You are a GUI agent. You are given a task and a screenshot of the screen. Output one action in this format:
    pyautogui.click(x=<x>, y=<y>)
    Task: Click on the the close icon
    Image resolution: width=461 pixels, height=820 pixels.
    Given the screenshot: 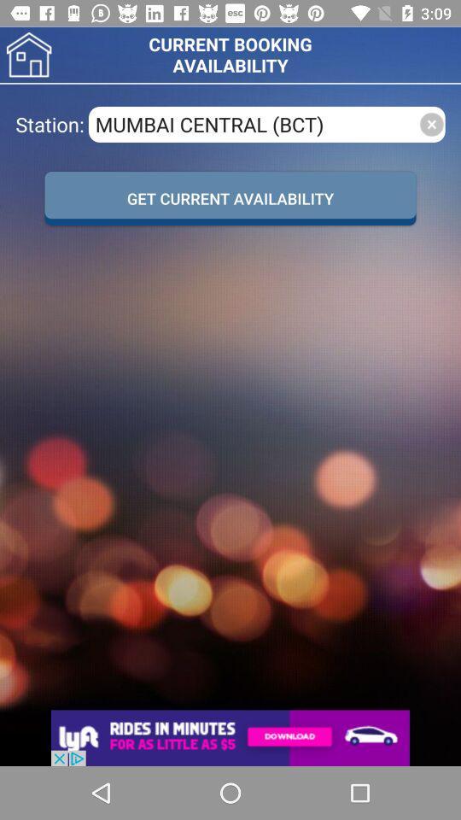 What is the action you would take?
    pyautogui.click(x=430, y=123)
    